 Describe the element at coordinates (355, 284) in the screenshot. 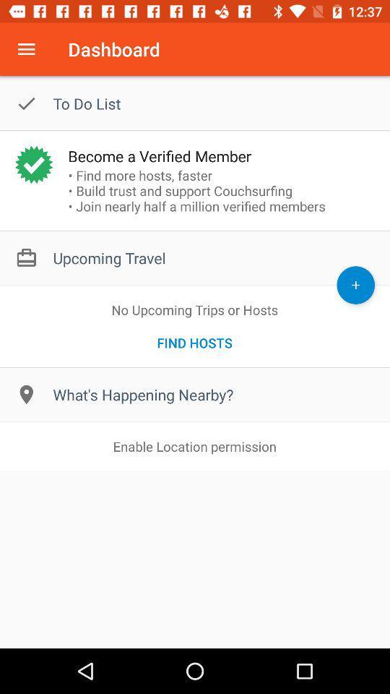

I see `the point` at that location.